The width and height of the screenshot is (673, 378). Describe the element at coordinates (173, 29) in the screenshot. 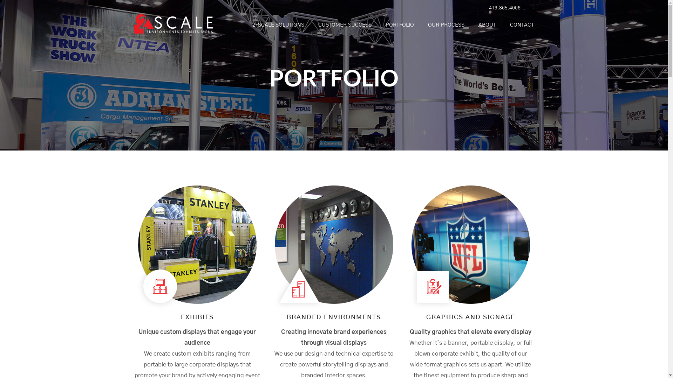

I see `'2-SCALE'` at that location.